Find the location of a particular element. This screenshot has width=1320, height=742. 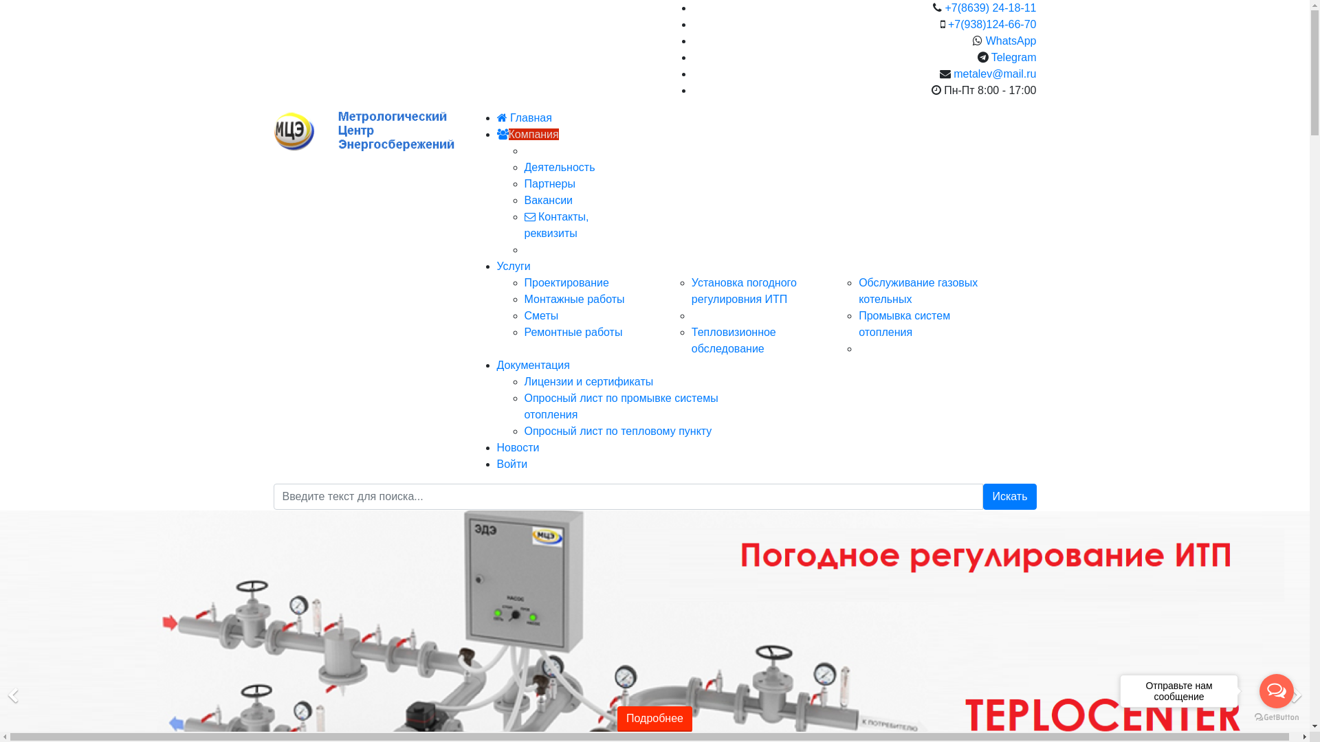

'WhatsApp' is located at coordinates (1011, 40).